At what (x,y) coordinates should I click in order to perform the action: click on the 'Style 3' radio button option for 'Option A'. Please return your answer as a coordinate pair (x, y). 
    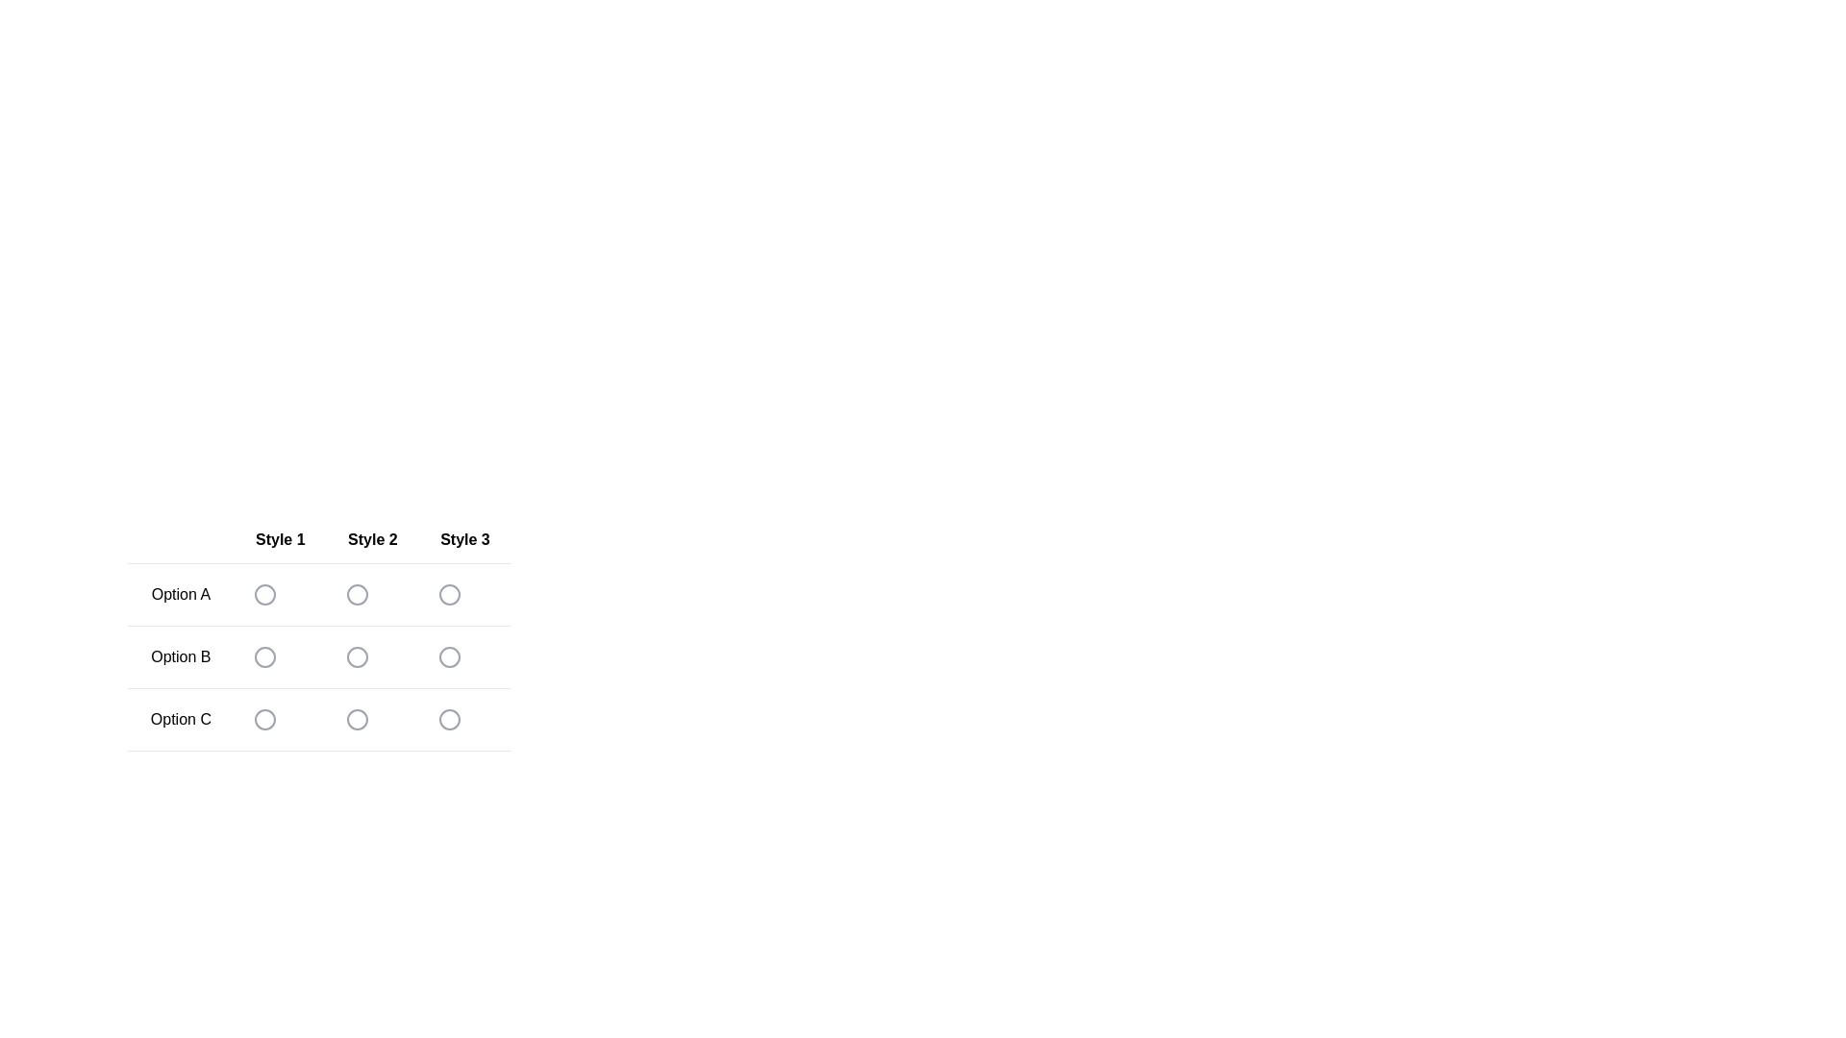
    Looking at the image, I should click on (448, 593).